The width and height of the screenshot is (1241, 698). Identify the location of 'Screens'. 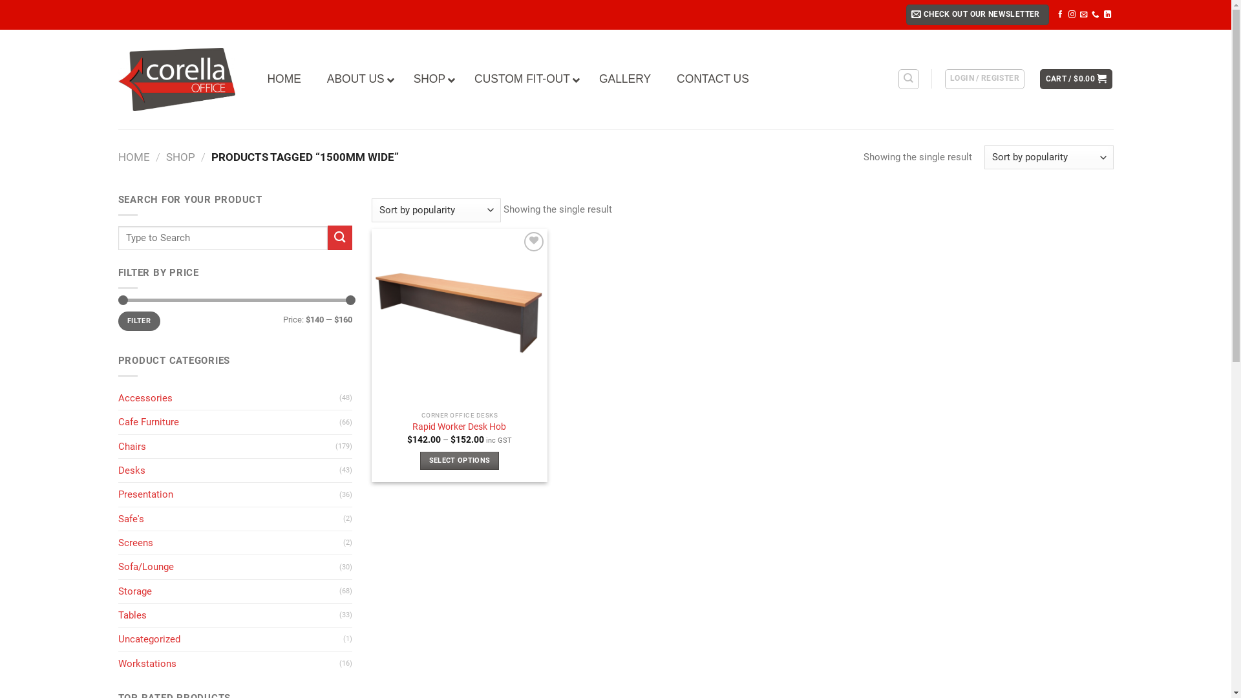
(230, 543).